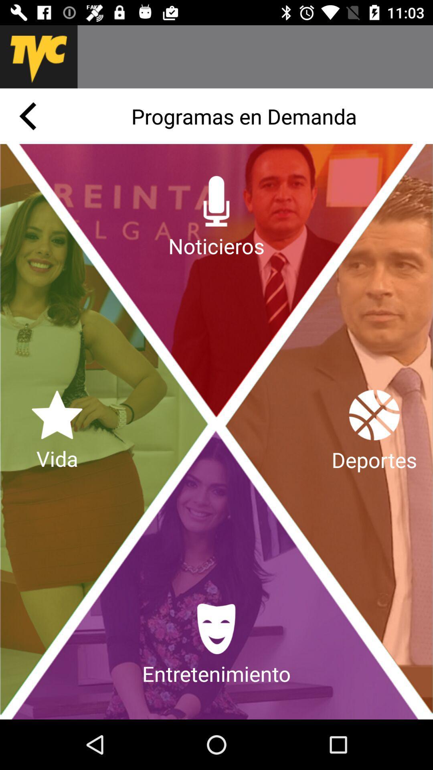 The height and width of the screenshot is (770, 433). Describe the element at coordinates (57, 431) in the screenshot. I see `vida icon` at that location.